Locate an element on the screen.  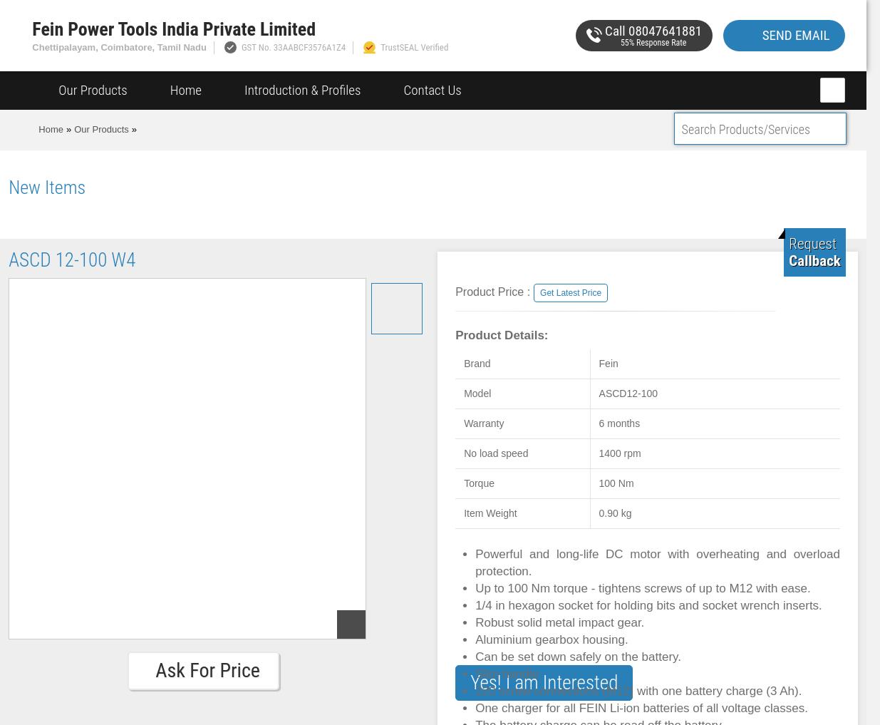
'Robust solid metal impact gear.' is located at coordinates (559, 622).